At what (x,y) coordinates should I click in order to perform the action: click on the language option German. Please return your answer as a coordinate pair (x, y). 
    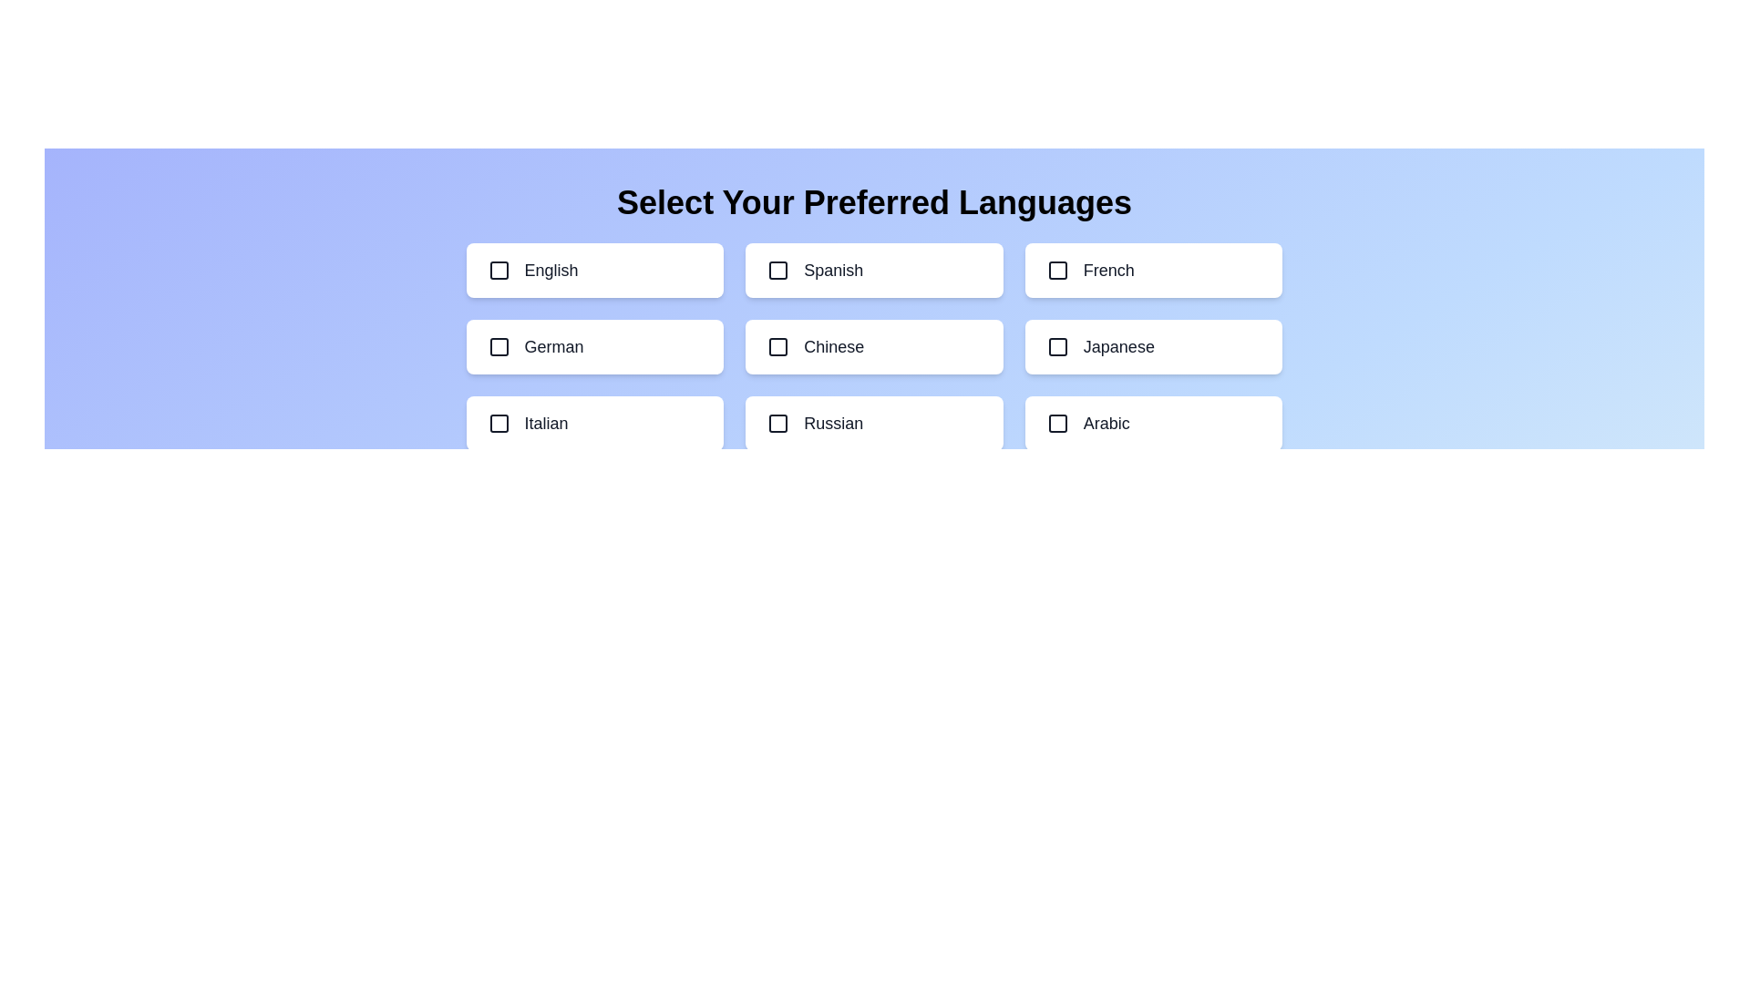
    Looking at the image, I should click on (594, 347).